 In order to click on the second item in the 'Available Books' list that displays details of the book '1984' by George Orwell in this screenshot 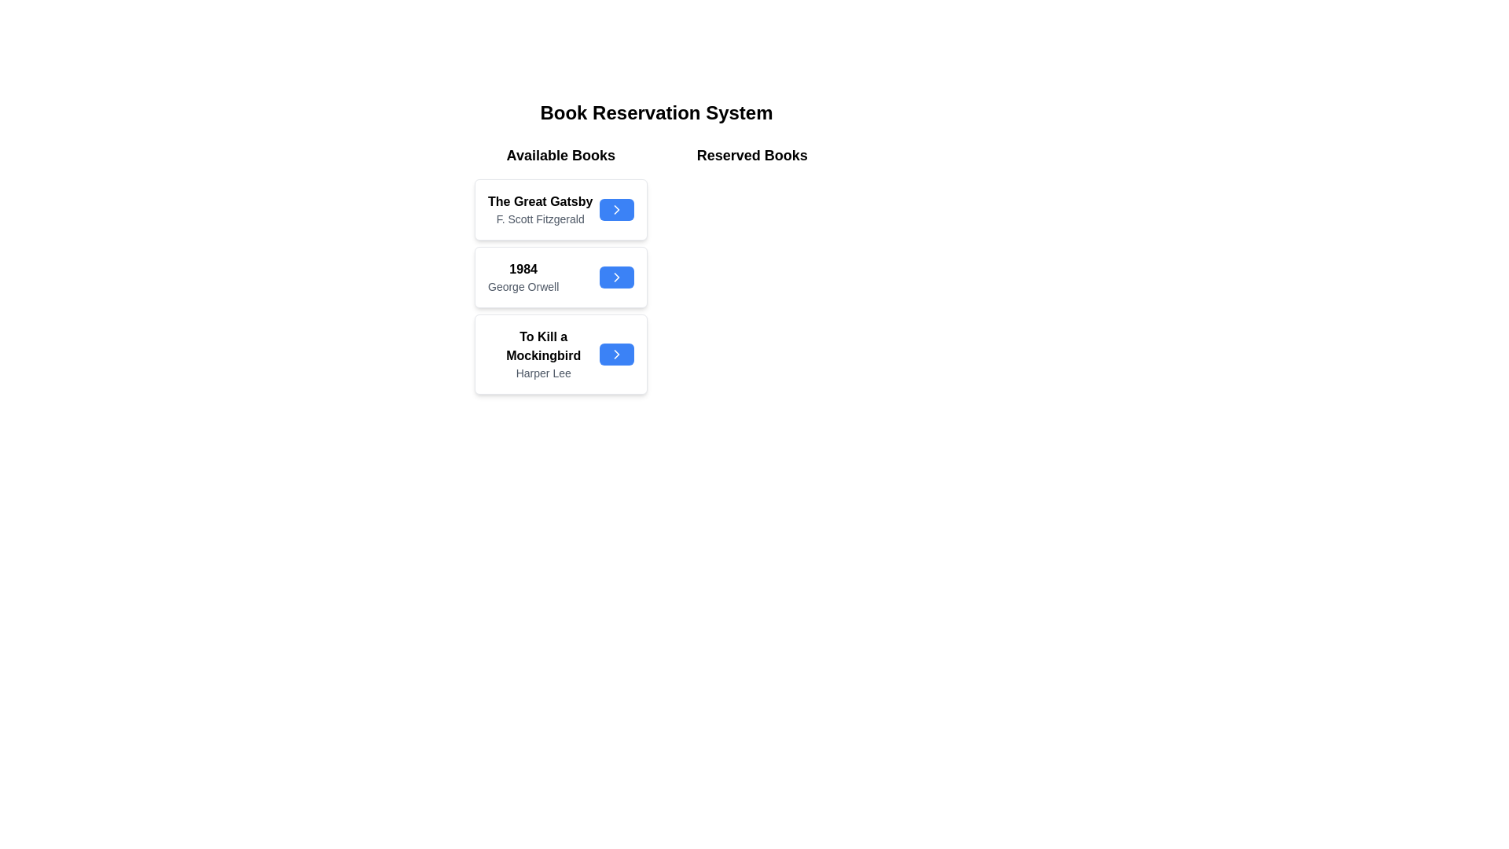, I will do `click(560, 272)`.